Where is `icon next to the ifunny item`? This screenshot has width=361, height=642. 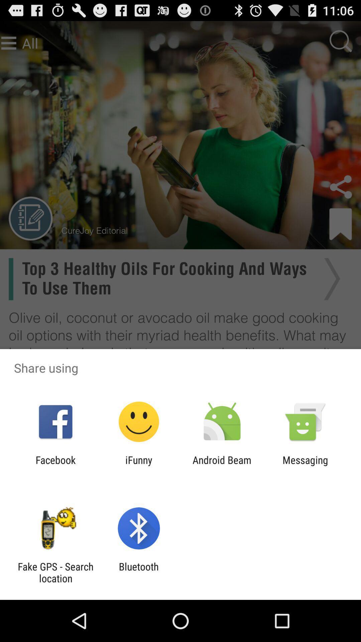
icon next to the ifunny item is located at coordinates (222, 465).